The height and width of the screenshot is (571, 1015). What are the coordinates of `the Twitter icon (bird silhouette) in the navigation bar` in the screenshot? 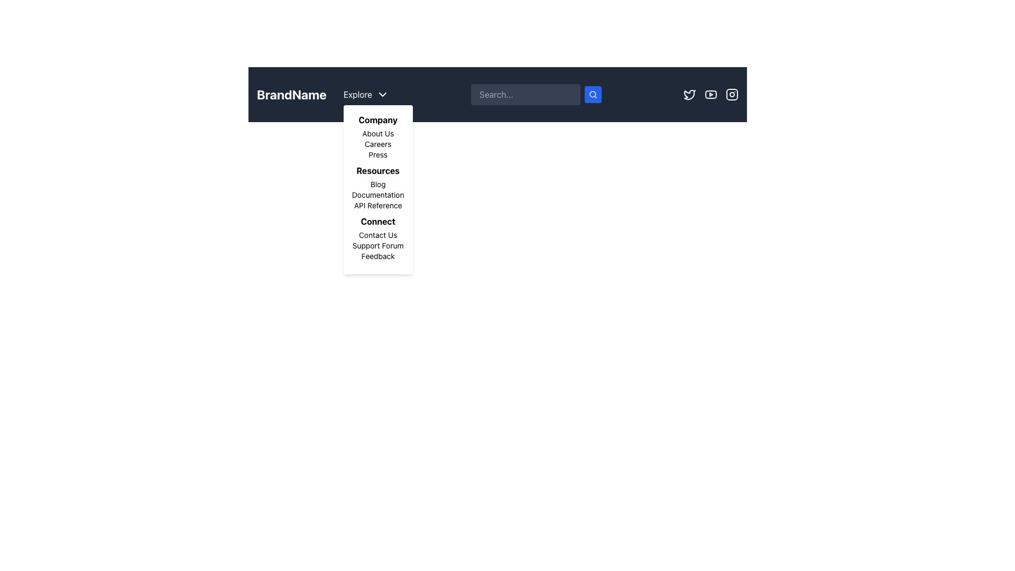 It's located at (690, 94).